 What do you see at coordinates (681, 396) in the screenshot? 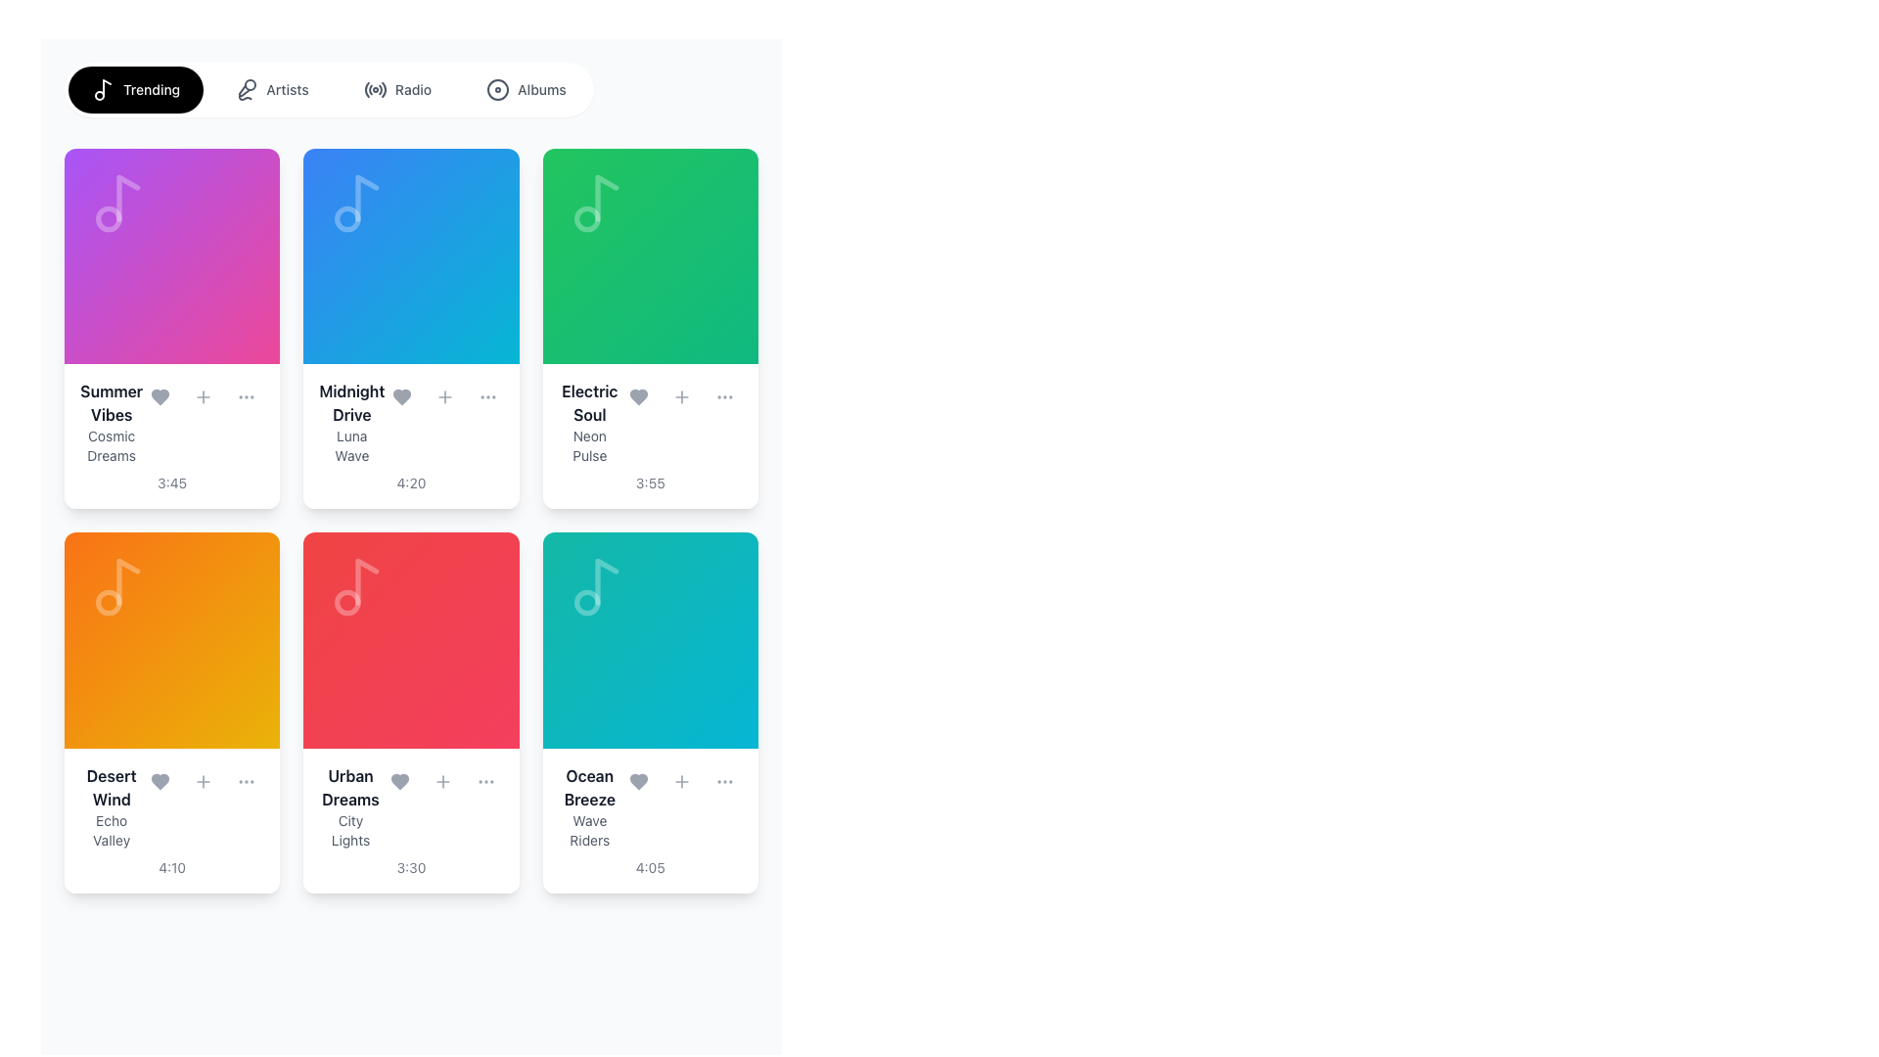
I see `the 'Add' button located within the 'Electric Soul' album card, positioned between the heart button and the ellipsis button` at bounding box center [681, 396].